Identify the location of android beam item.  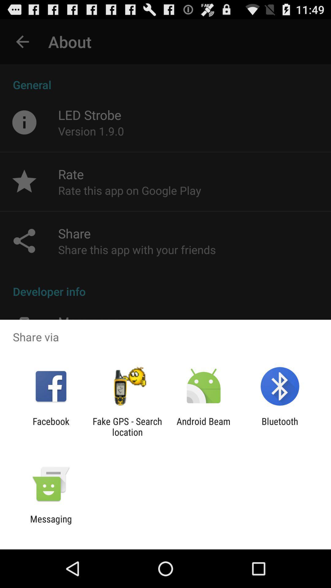
(204, 426).